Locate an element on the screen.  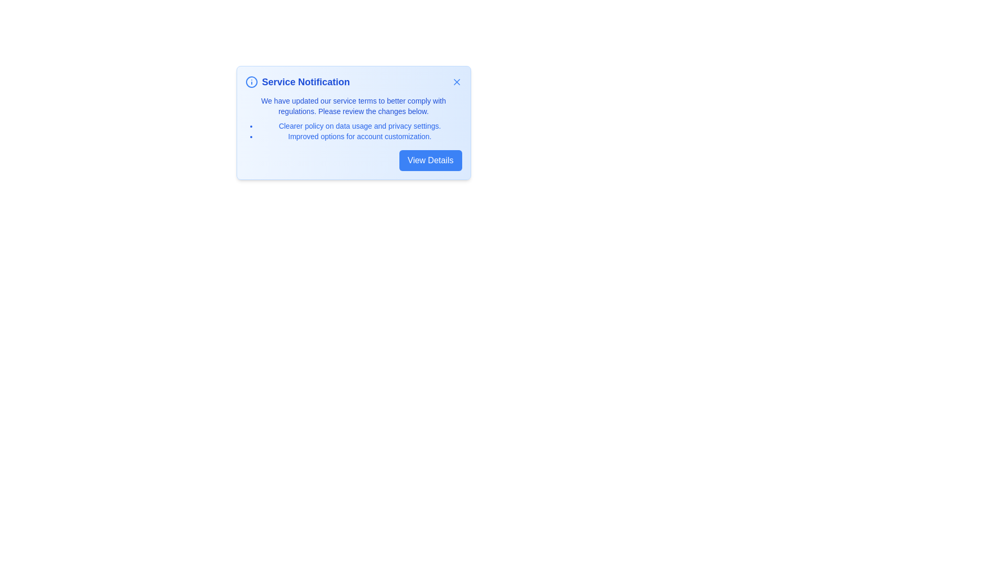
the informational icon to display its significance is located at coordinates (251, 82).